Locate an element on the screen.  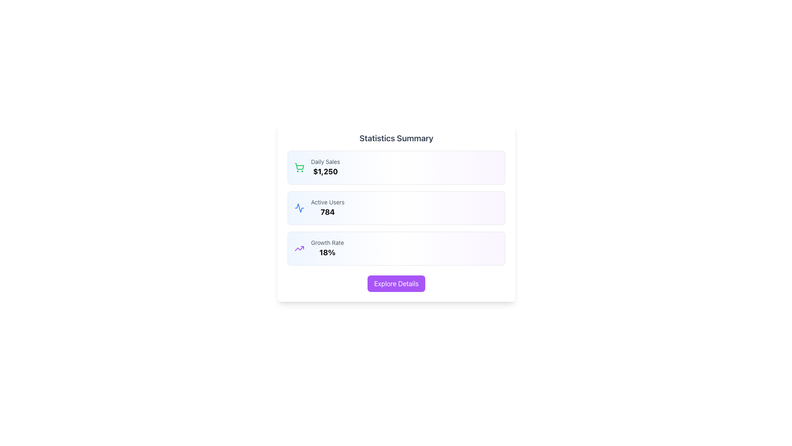
the 'Activity' icon located to the left of the 'Active Users' text within the second summary card, which displays the count '784' is located at coordinates (299, 208).